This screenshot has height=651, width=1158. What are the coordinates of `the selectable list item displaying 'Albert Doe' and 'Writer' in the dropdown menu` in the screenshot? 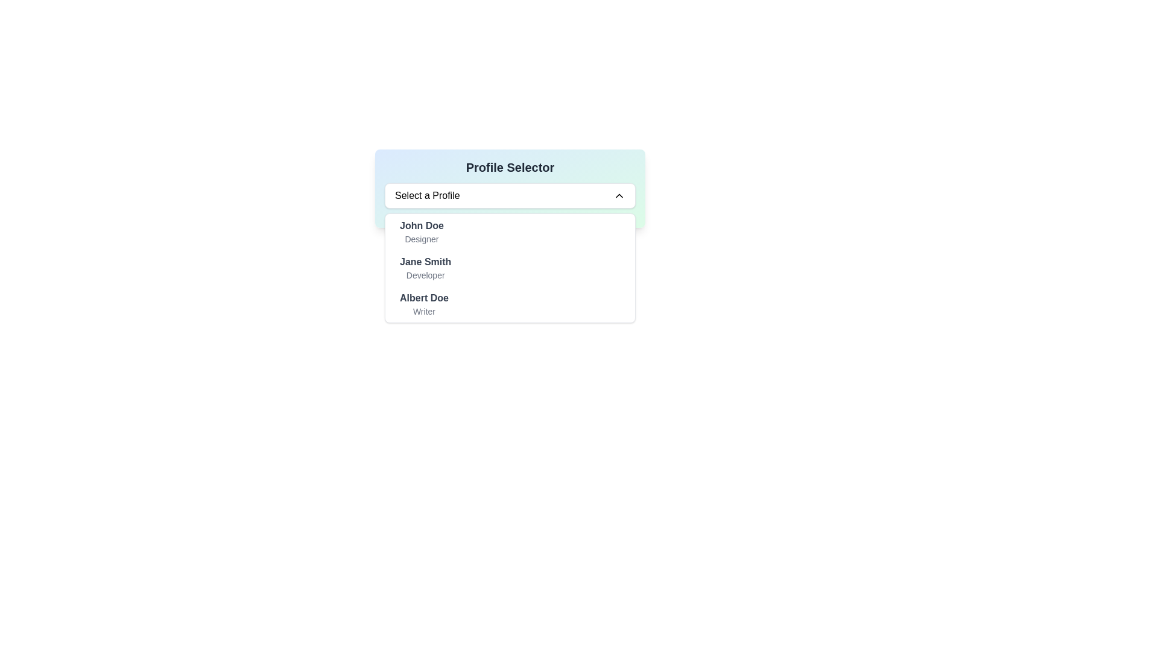 It's located at (510, 304).